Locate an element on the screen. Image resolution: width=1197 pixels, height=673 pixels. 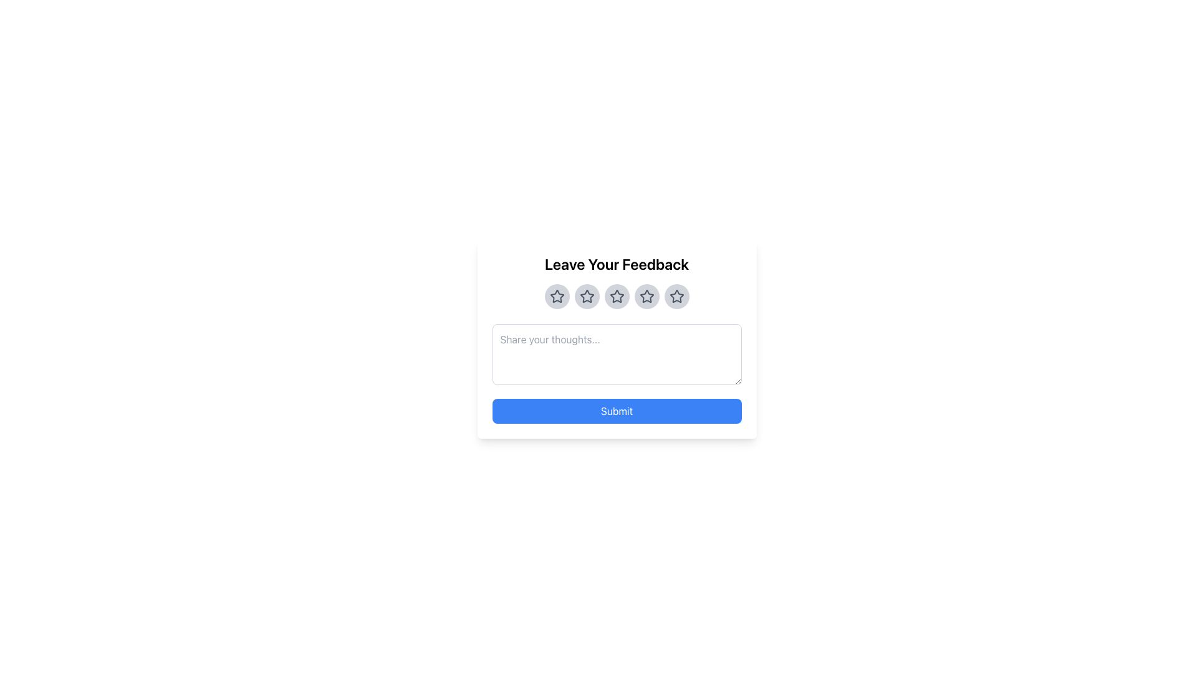
on the third star icon in the interactive visual rating element located below the 'Leave Your Feedback' header is located at coordinates (617, 296).